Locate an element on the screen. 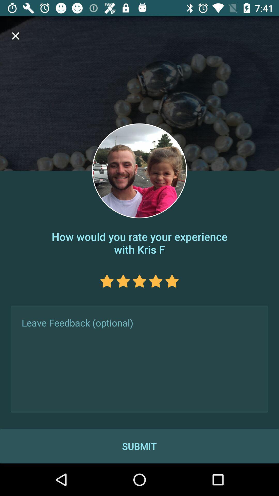  star feedback is located at coordinates (106, 281).